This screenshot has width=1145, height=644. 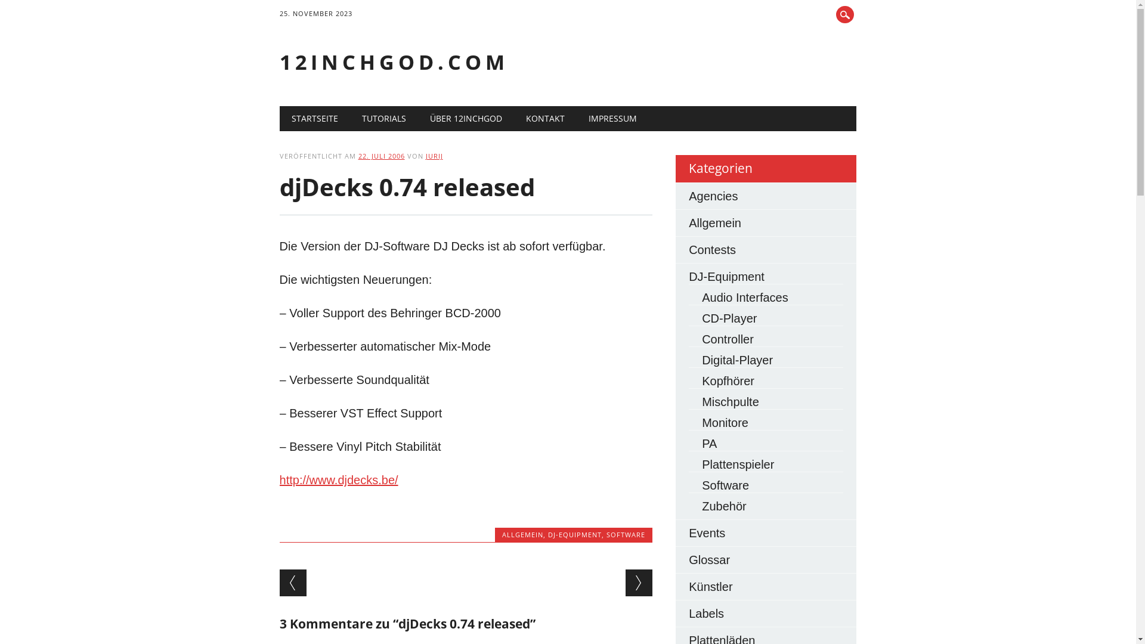 What do you see at coordinates (701, 360) in the screenshot?
I see `'Digital-Player'` at bounding box center [701, 360].